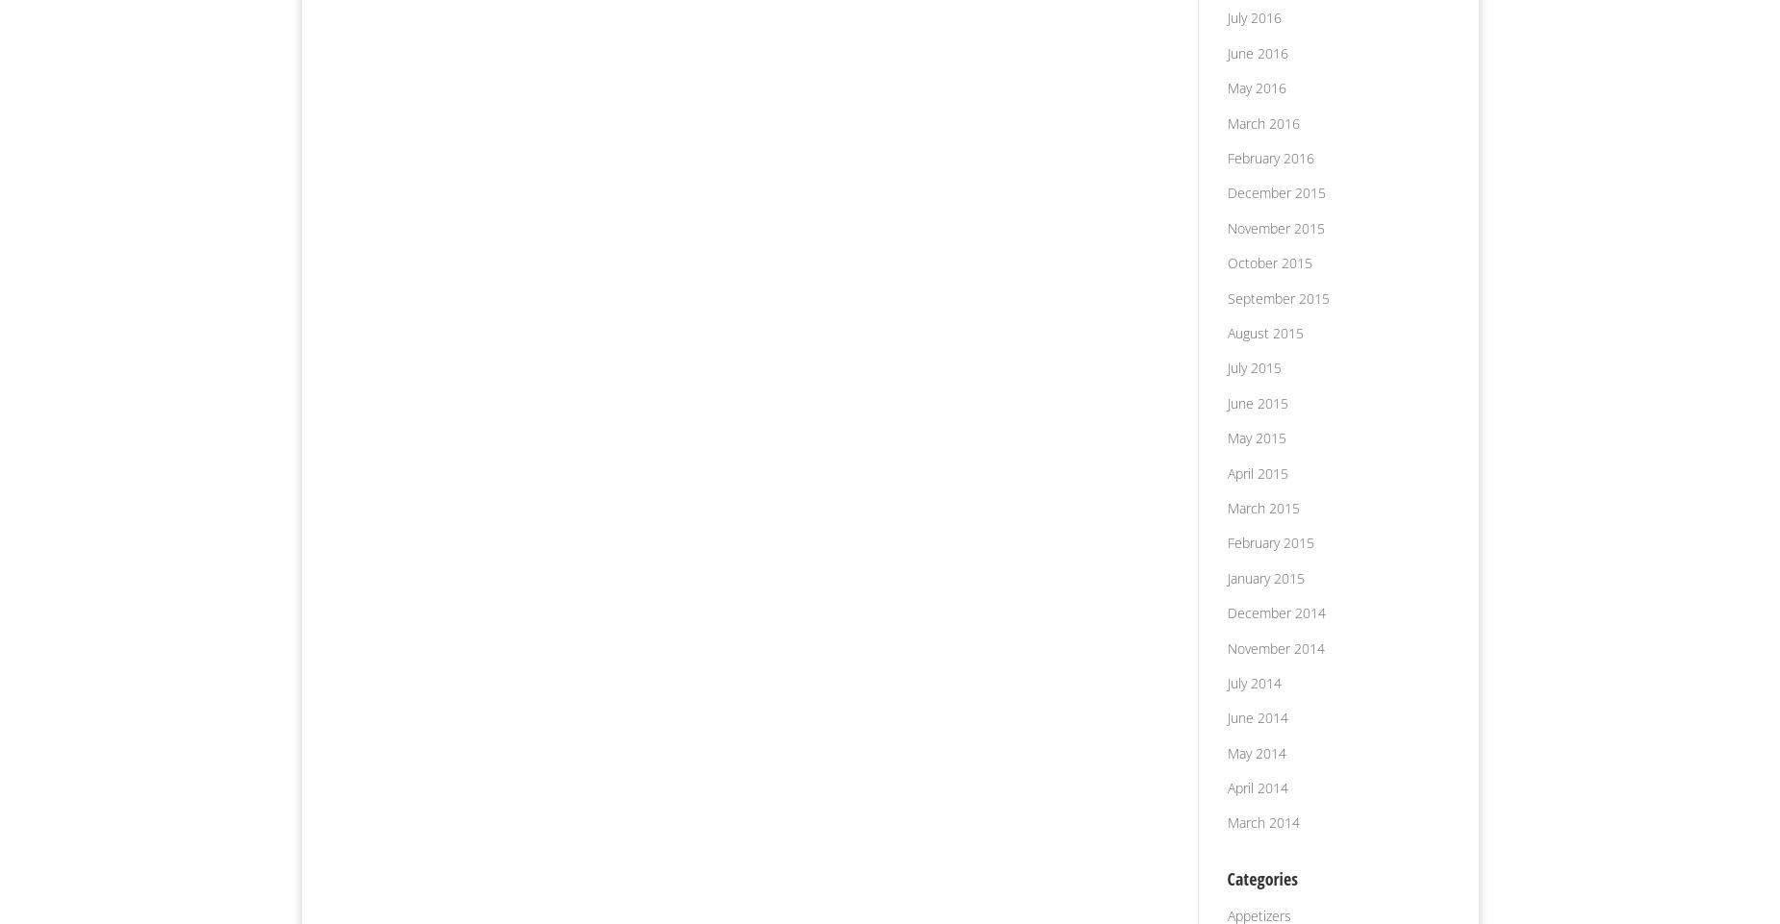 This screenshot has width=1780, height=924. I want to click on 'June 2014', so click(1256, 717).